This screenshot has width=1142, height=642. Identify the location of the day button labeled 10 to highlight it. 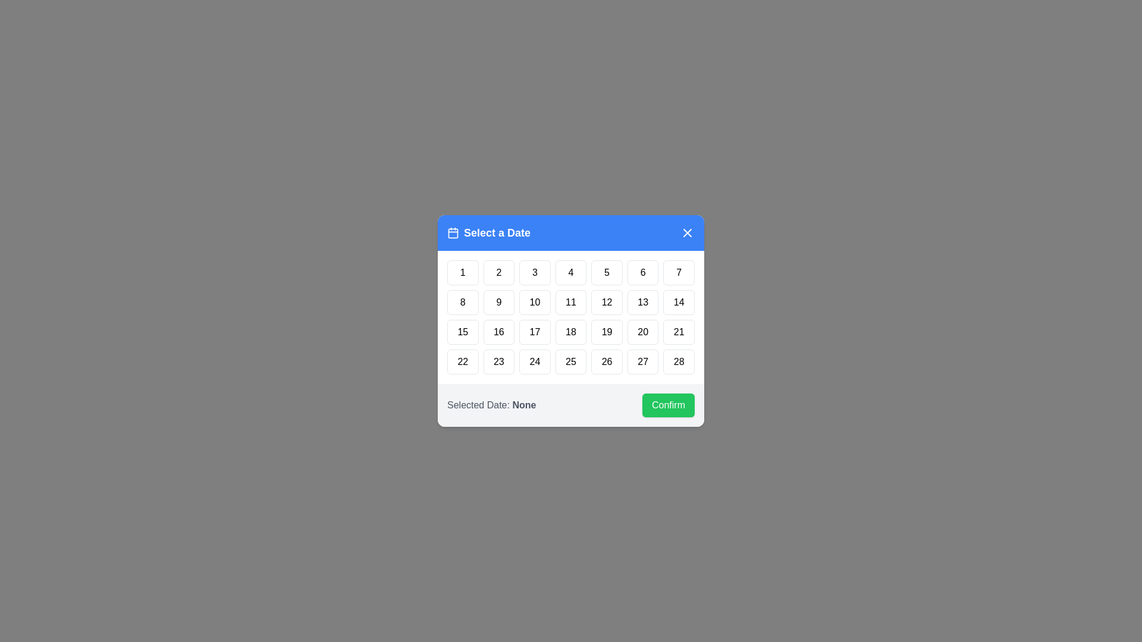
(534, 302).